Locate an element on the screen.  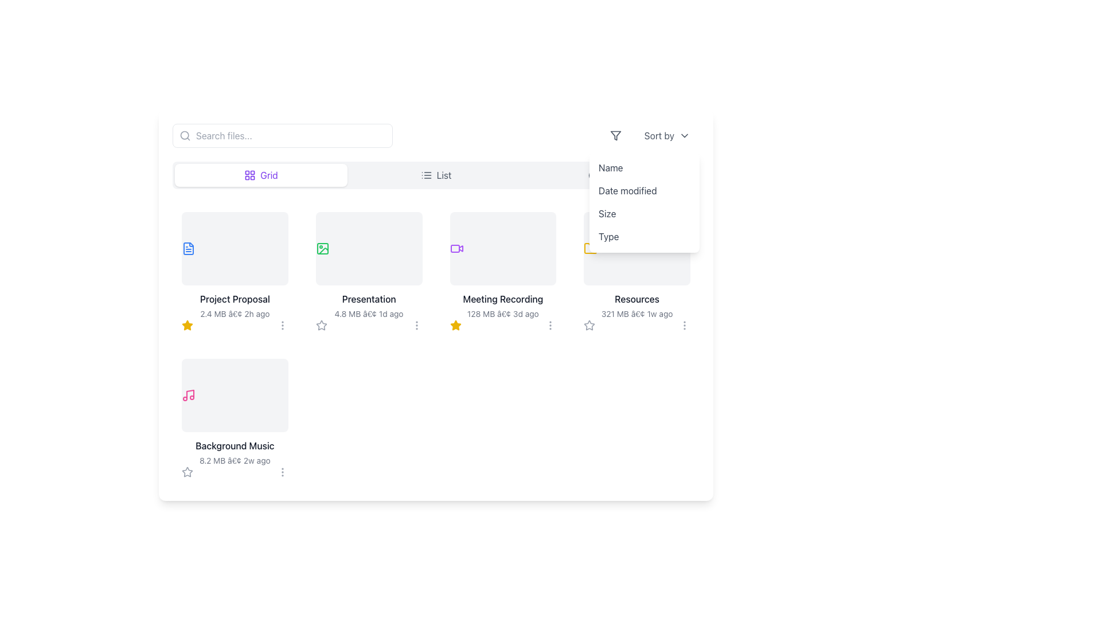
the informational text located below the heading 'Resources' in the fourth column of the grid layout, which provides metadata about the associated resource is located at coordinates (637, 314).